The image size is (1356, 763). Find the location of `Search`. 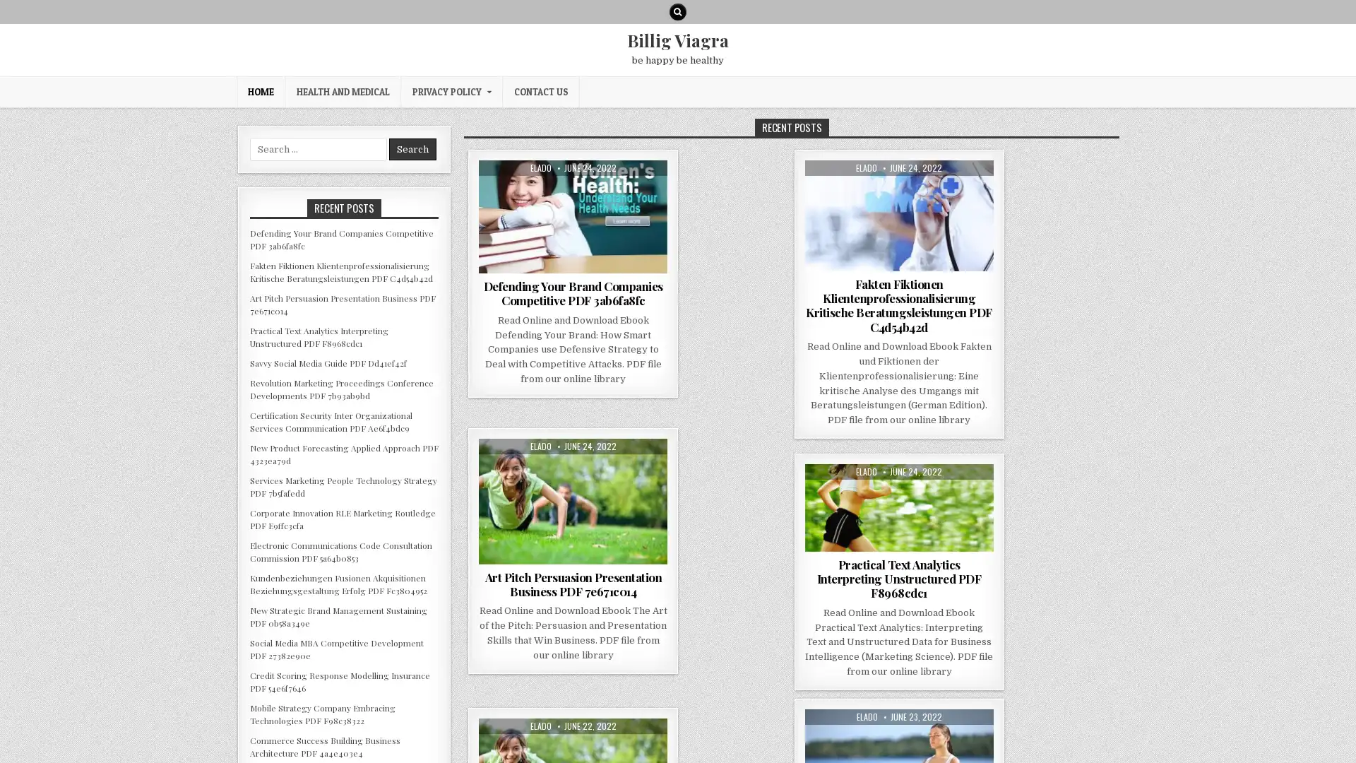

Search is located at coordinates (412, 149).